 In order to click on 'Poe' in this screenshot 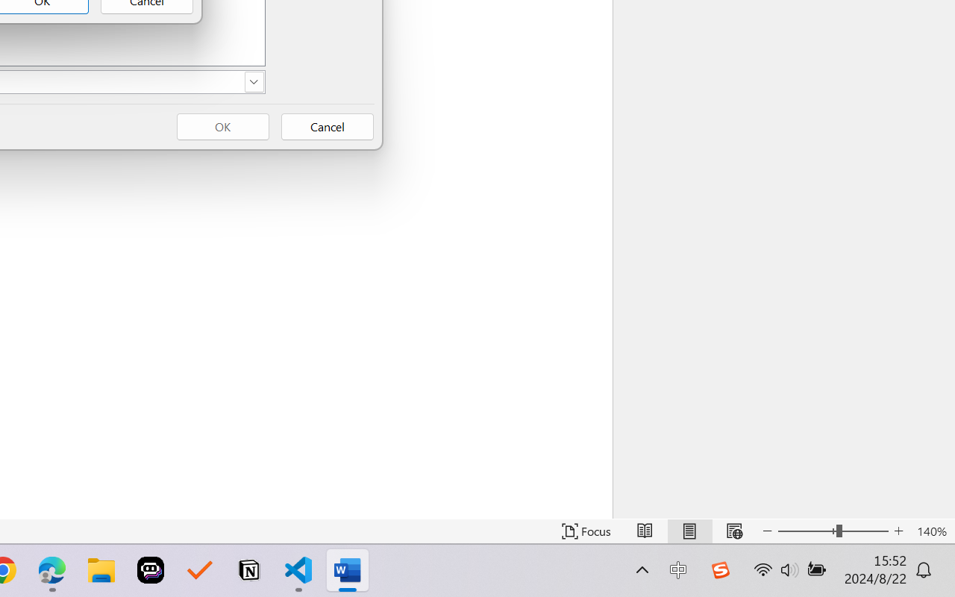, I will do `click(151, 570)`.